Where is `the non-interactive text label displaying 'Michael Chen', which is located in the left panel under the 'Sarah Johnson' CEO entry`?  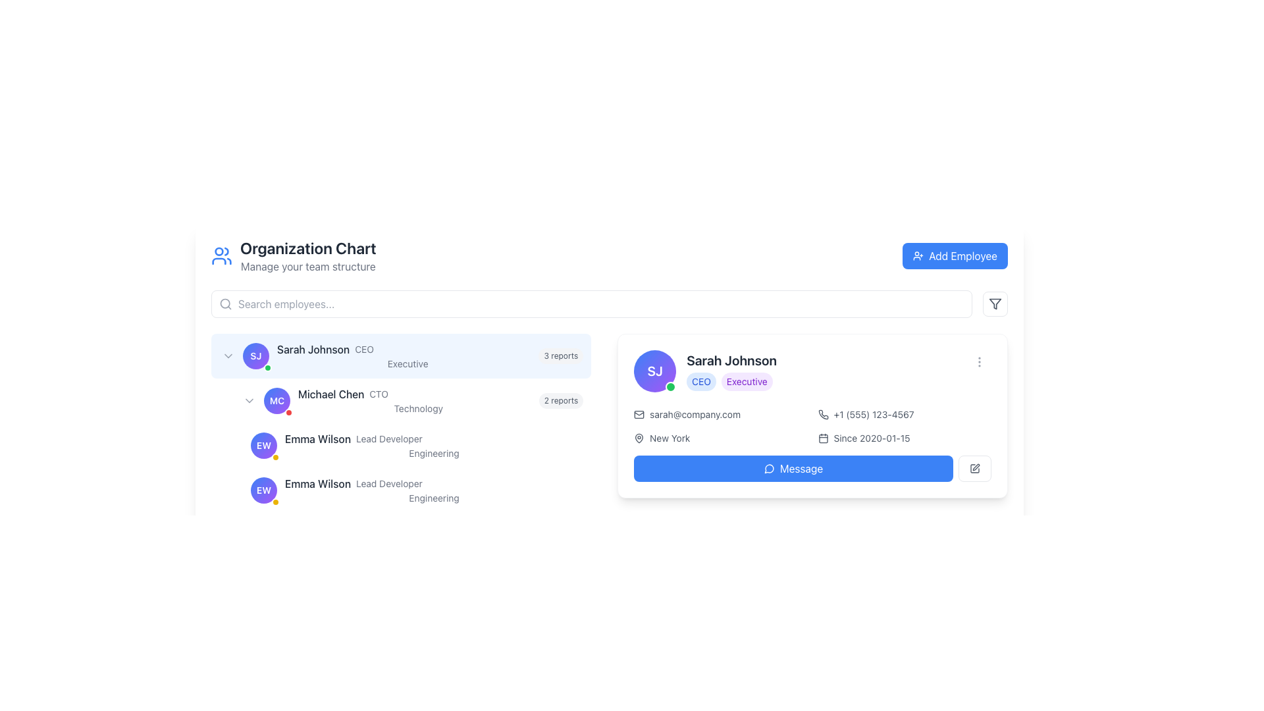 the non-interactive text label displaying 'Michael Chen', which is located in the left panel under the 'Sarah Johnson' CEO entry is located at coordinates (331, 393).